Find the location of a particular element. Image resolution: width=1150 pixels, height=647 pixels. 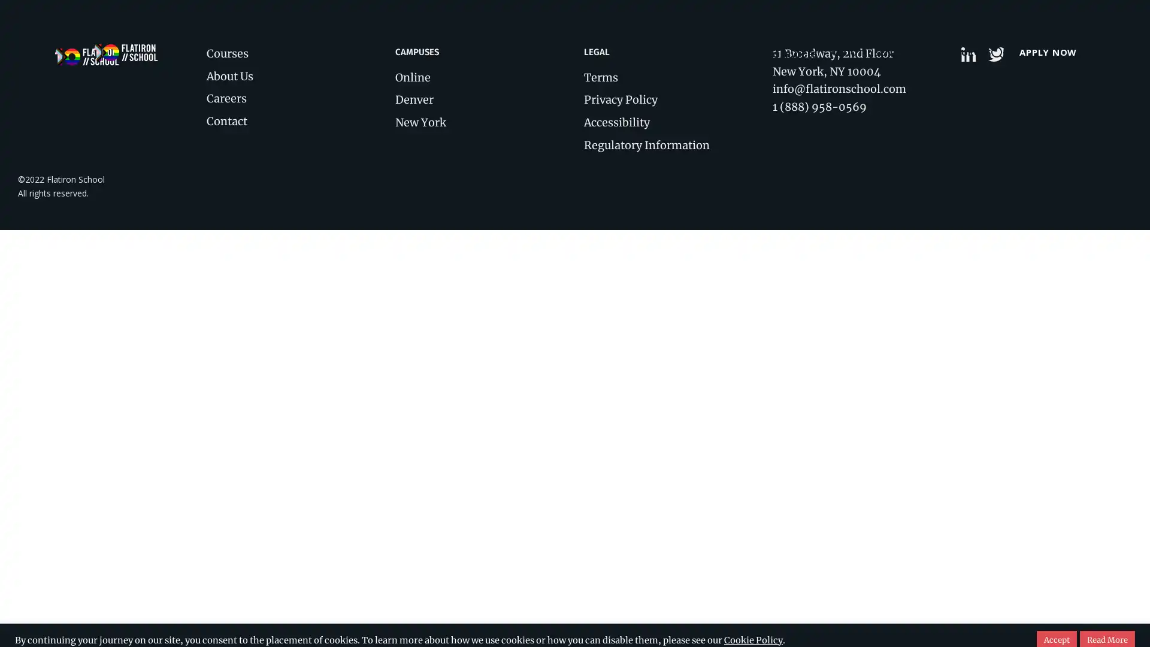

ENTERPRISE is located at coordinates (848, 52).